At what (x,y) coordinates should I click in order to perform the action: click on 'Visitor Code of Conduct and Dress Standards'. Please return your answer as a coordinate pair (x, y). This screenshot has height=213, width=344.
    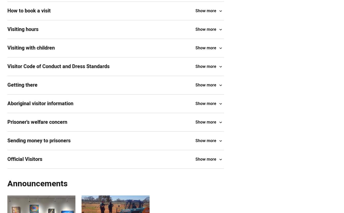
    Looking at the image, I should click on (58, 66).